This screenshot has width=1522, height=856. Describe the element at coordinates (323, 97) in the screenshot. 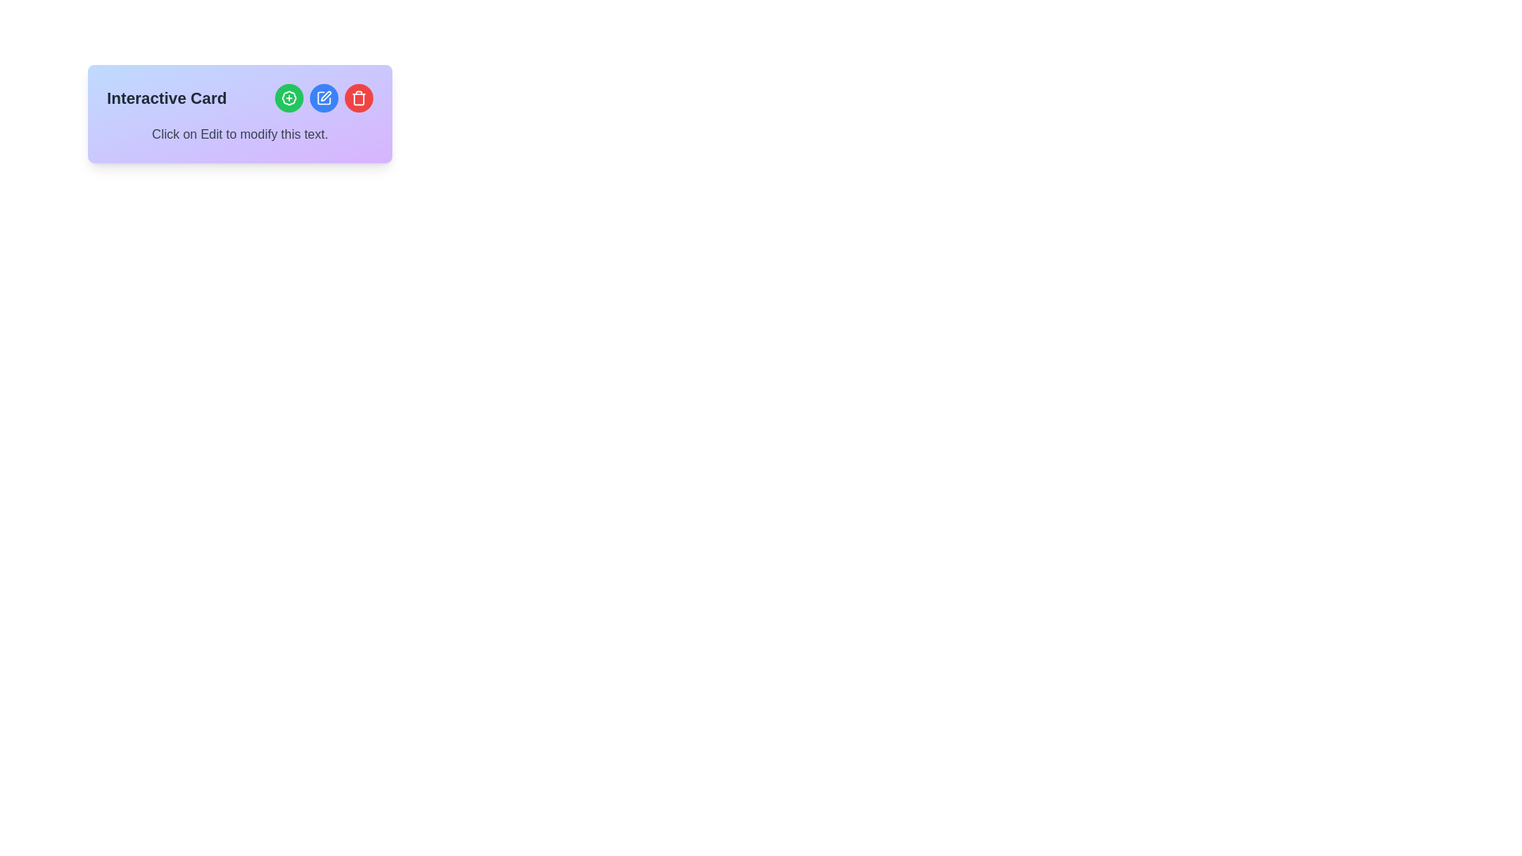

I see `the 'Edit' button located in the top-right corner of the 'Interactive Card' component` at that location.